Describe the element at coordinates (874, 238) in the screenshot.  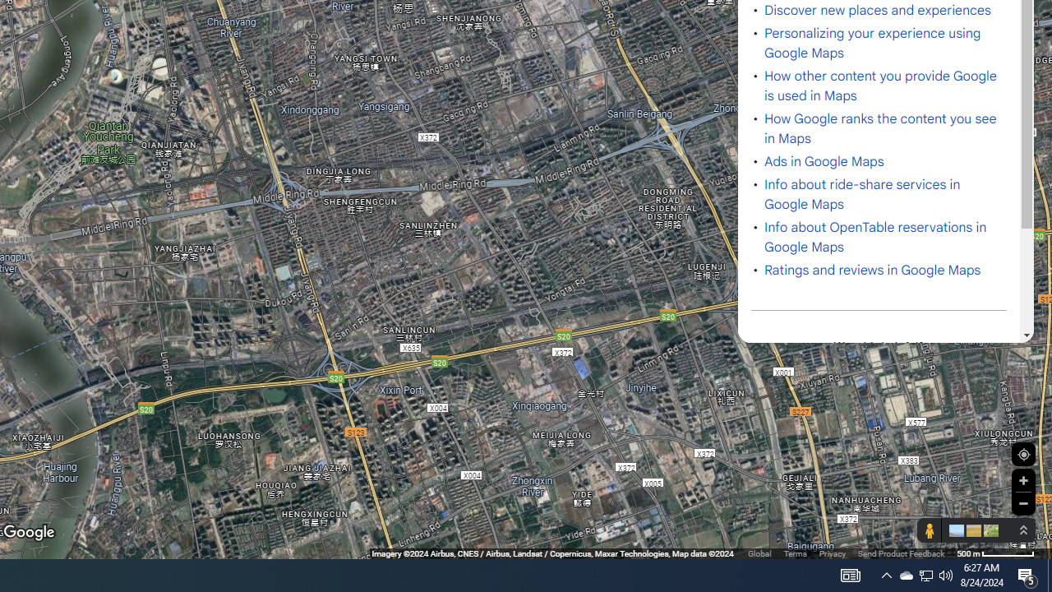
I see `'Info about OpenTable reservations in Google Maps'` at that location.